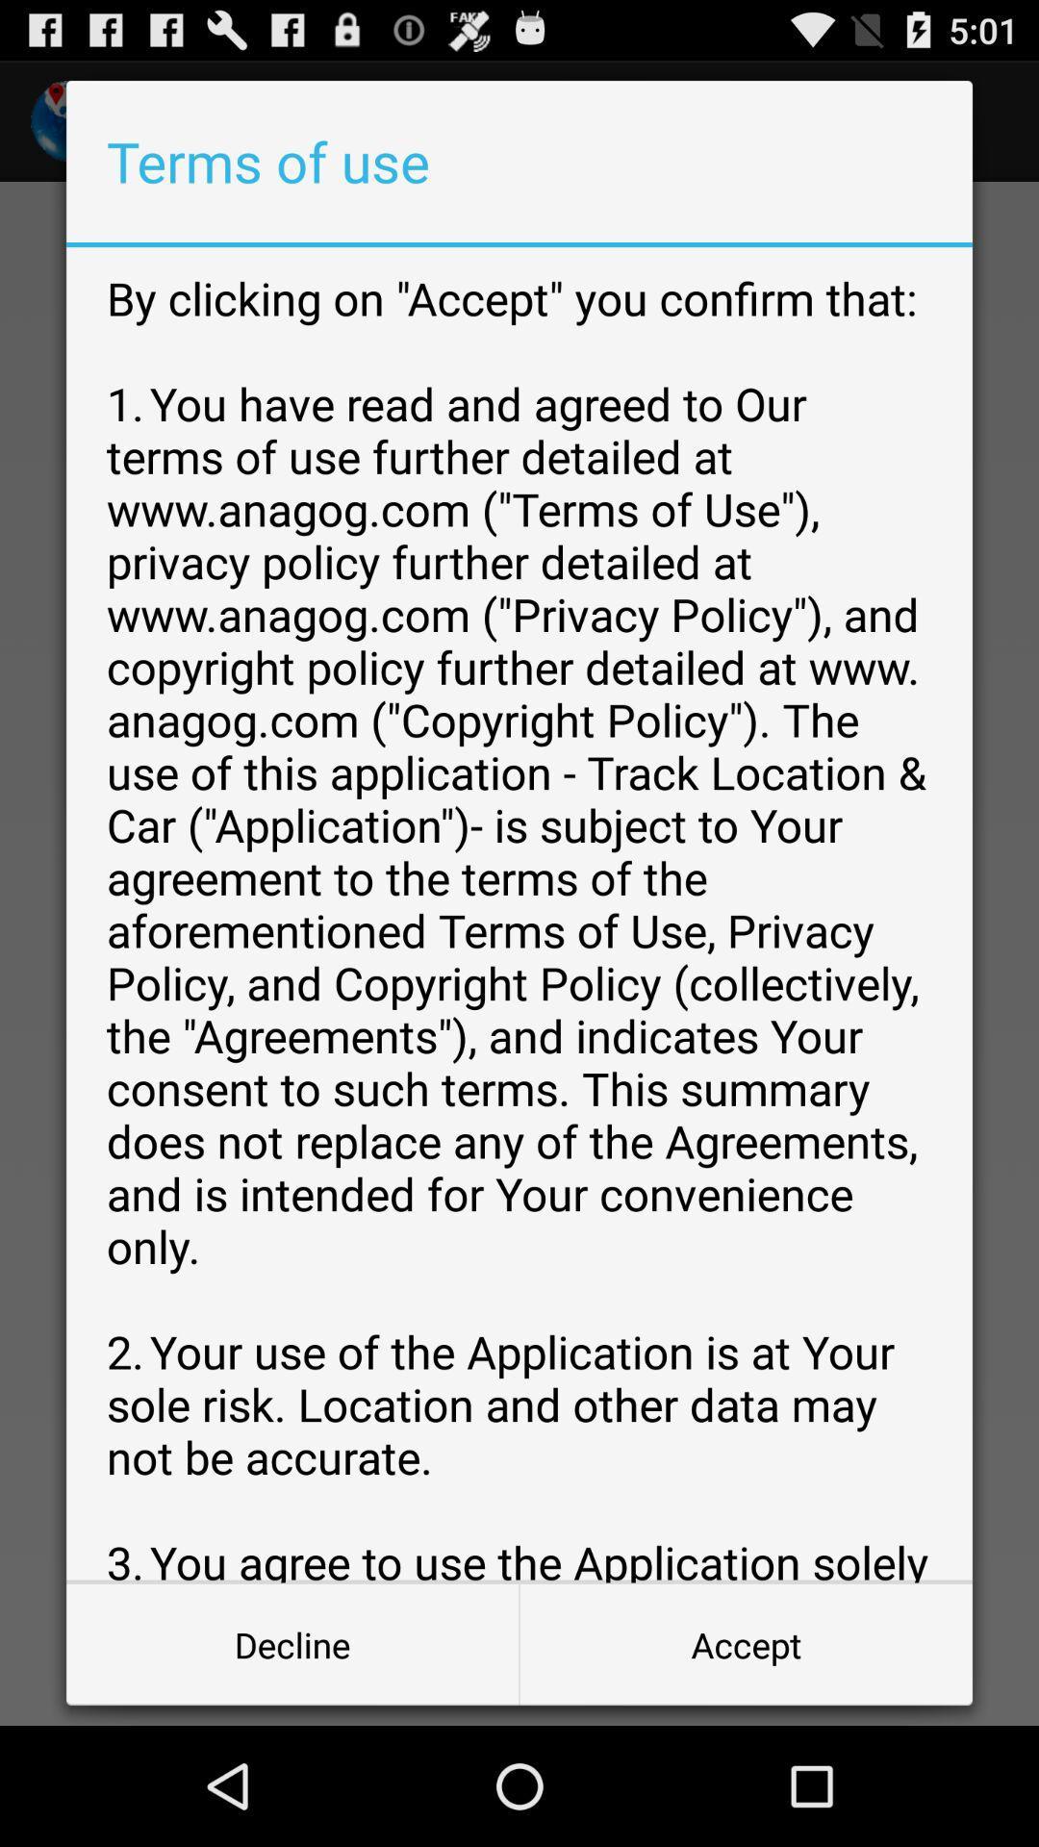 Image resolution: width=1039 pixels, height=1847 pixels. I want to click on the app below the by clicking on, so click(292, 1643).